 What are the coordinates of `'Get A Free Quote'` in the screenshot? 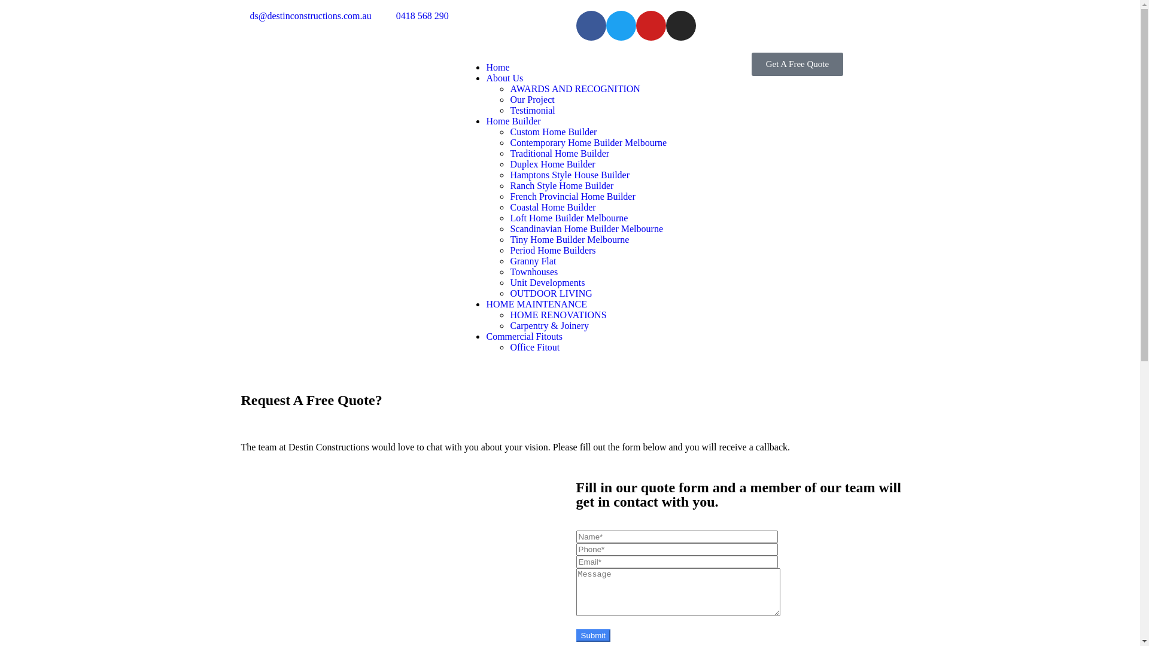 It's located at (751, 64).